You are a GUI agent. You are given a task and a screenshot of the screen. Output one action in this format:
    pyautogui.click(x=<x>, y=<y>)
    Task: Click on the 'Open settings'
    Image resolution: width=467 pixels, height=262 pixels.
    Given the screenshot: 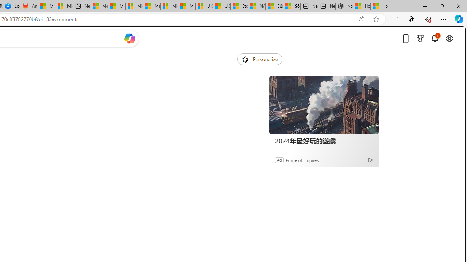 What is the action you would take?
    pyautogui.click(x=449, y=38)
    